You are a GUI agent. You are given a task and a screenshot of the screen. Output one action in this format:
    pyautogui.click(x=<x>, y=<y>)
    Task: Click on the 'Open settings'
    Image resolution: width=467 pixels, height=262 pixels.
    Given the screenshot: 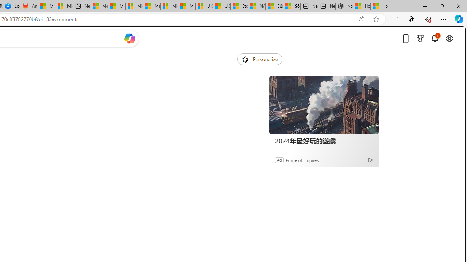 What is the action you would take?
    pyautogui.click(x=449, y=38)
    